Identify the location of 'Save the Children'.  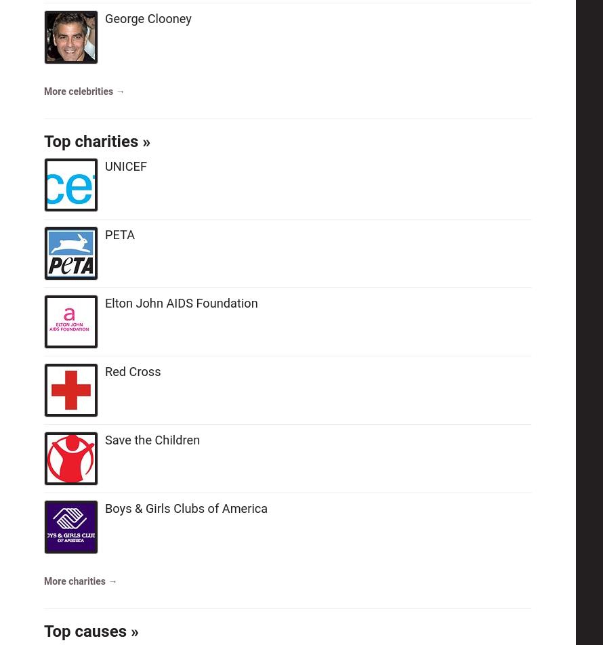
(151, 439).